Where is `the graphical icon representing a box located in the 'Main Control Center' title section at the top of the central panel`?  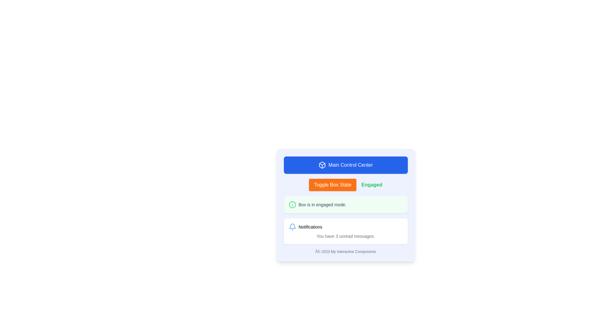 the graphical icon representing a box located in the 'Main Control Center' title section at the top of the central panel is located at coordinates (322, 165).